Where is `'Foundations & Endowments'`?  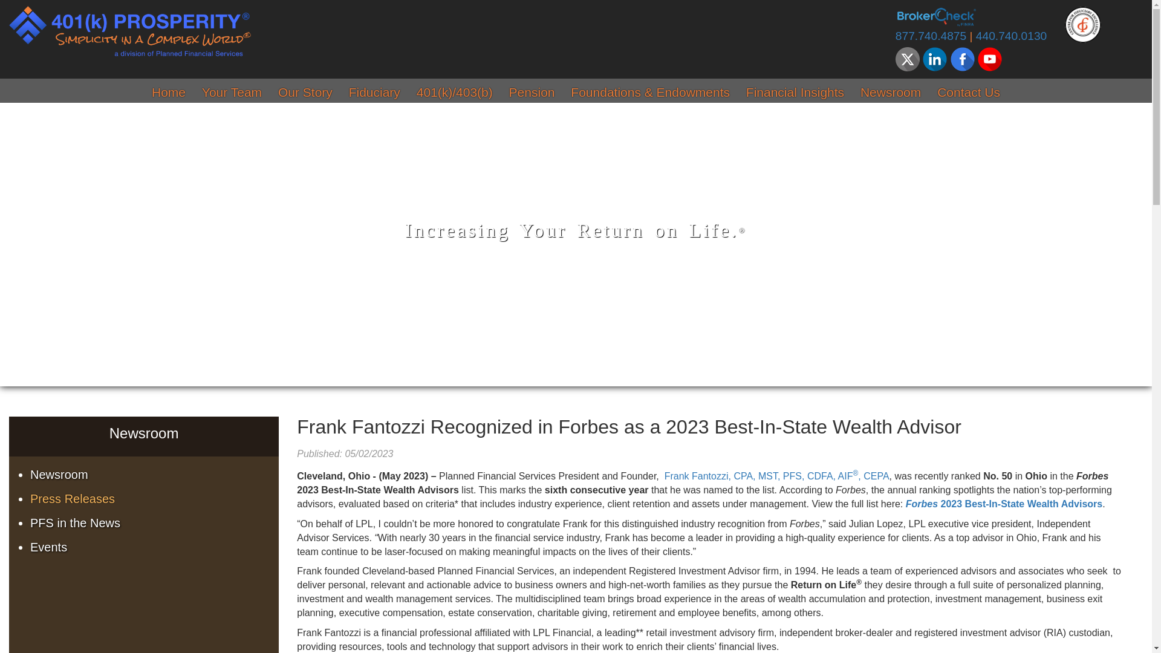
'Foundations & Endowments' is located at coordinates (649, 93).